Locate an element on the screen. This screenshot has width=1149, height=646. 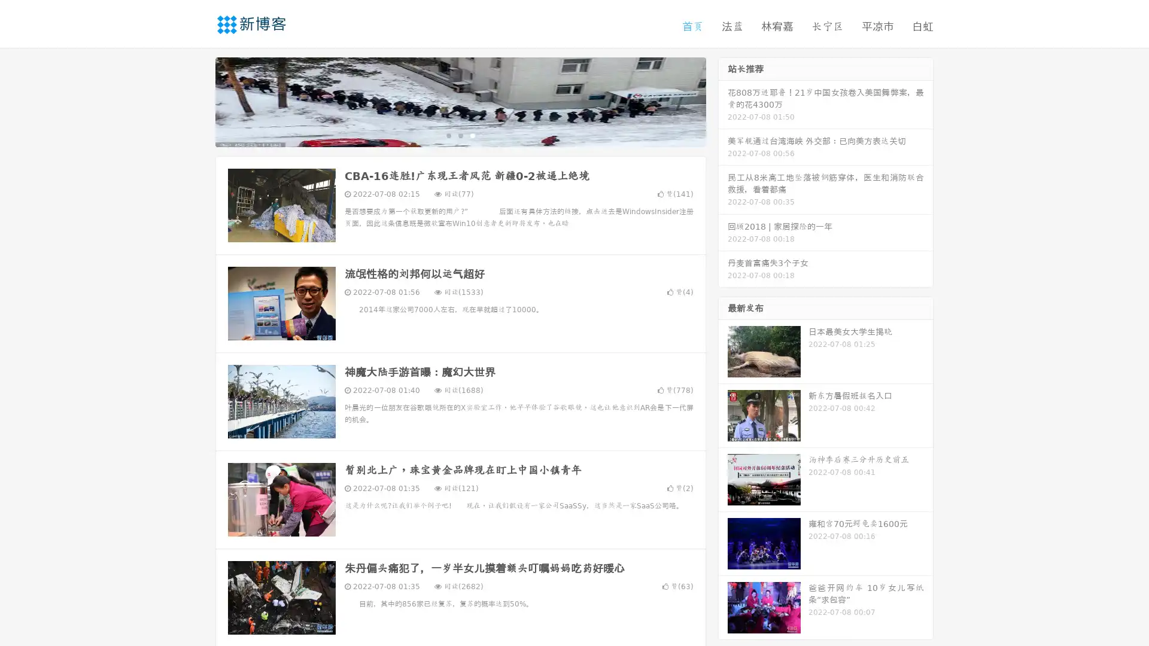
Next slide is located at coordinates (723, 100).